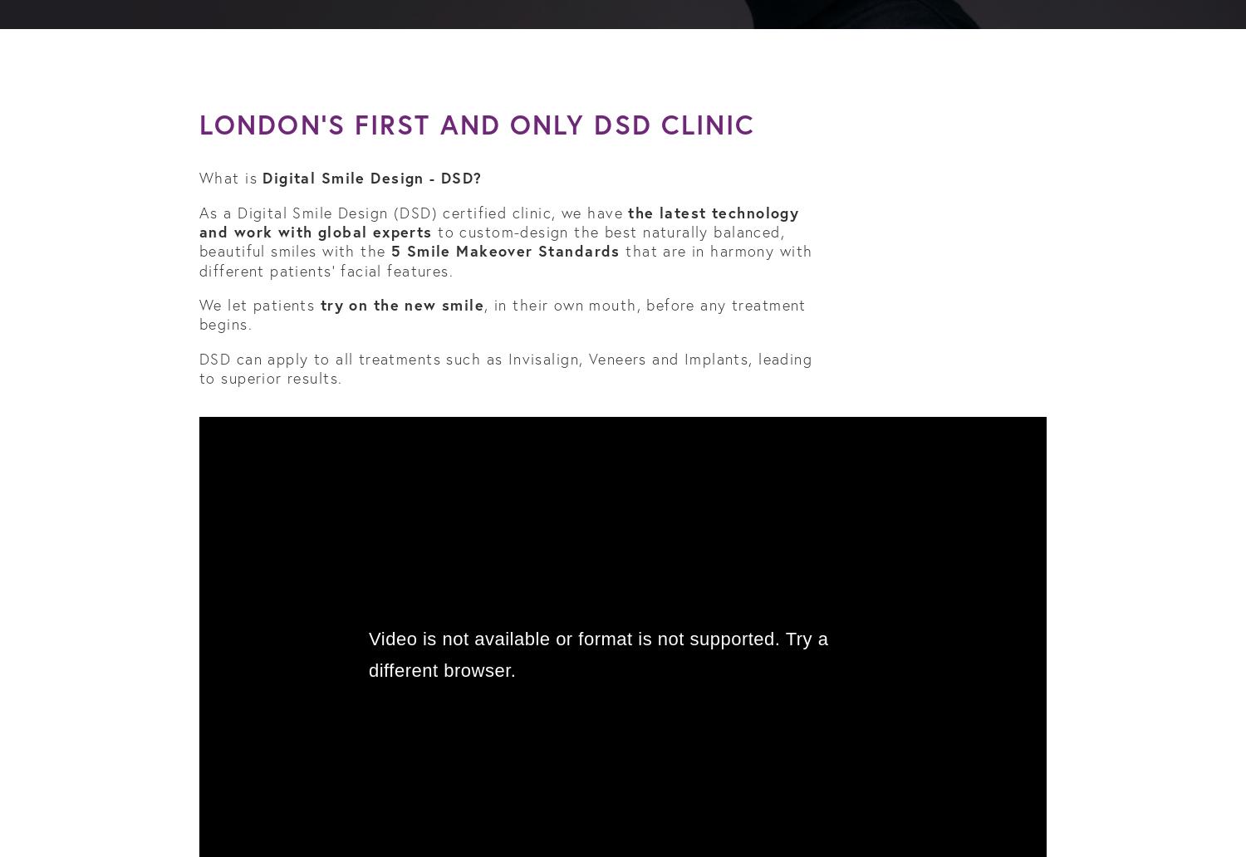 This screenshot has height=857, width=1246. I want to click on '00:00', so click(220, 846).